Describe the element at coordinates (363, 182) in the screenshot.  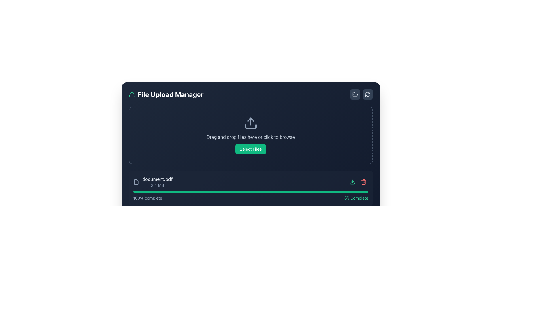
I see `the Trash Bin icon located in the bottom right corner of the file upload section` at that location.